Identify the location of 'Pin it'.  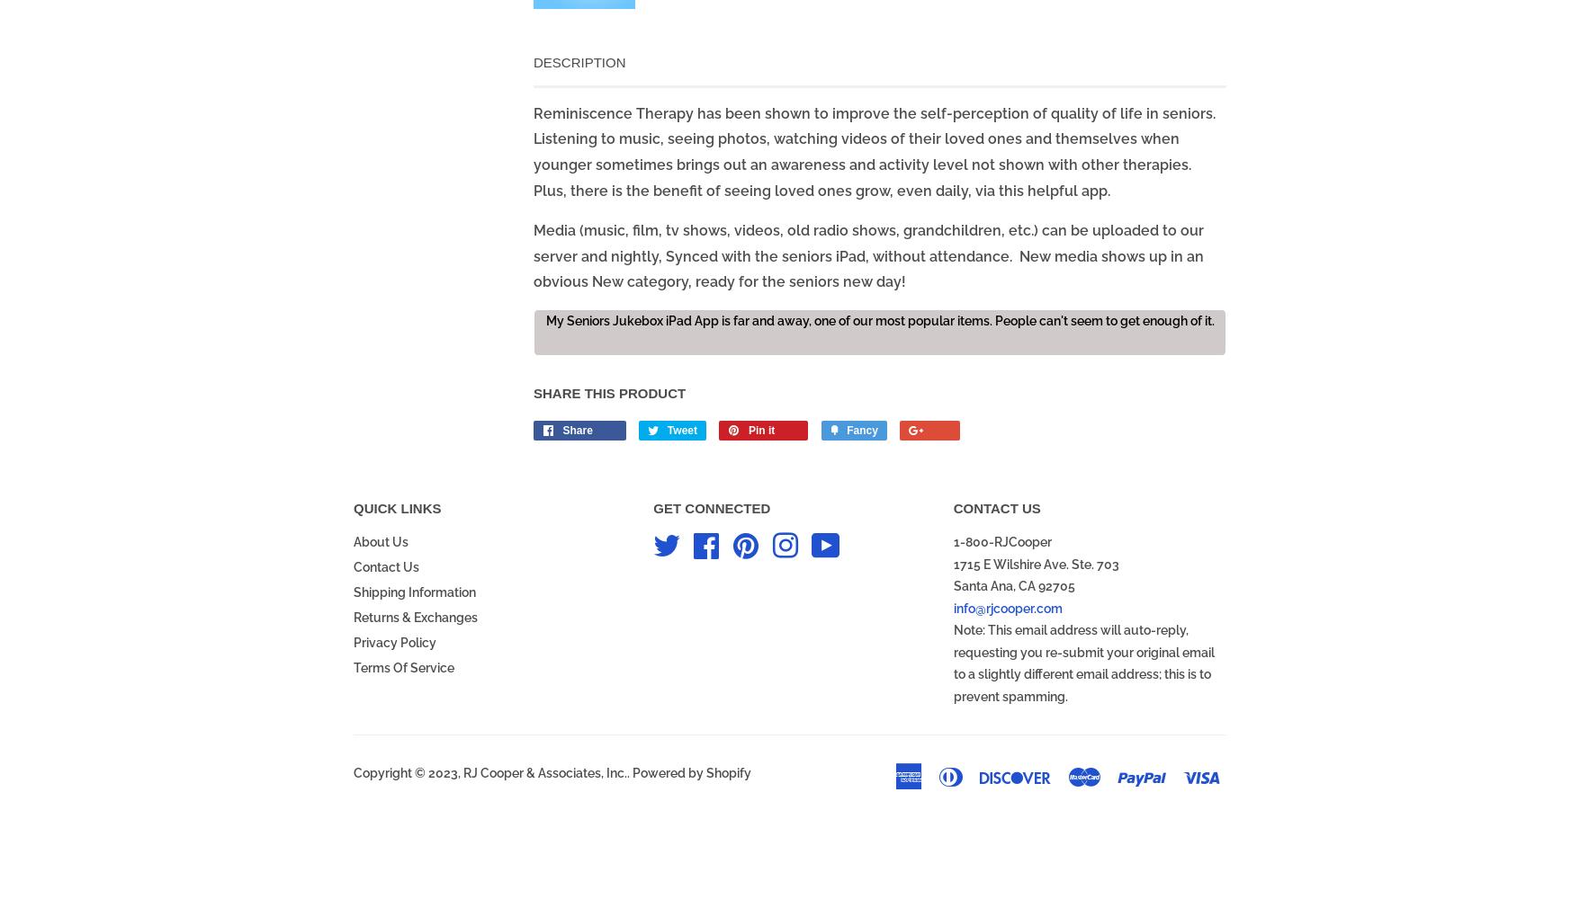
(760, 430).